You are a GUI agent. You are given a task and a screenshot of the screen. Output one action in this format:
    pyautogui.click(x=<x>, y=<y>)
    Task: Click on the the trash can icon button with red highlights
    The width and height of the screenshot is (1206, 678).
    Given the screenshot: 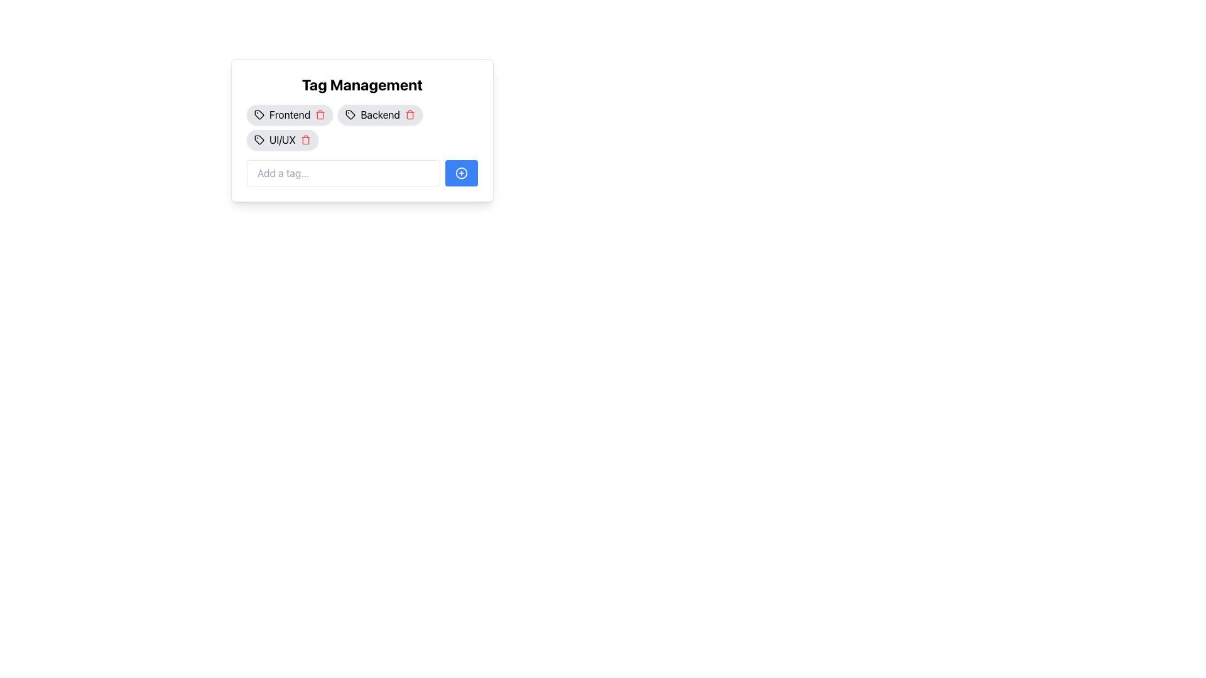 What is the action you would take?
    pyautogui.click(x=410, y=114)
    